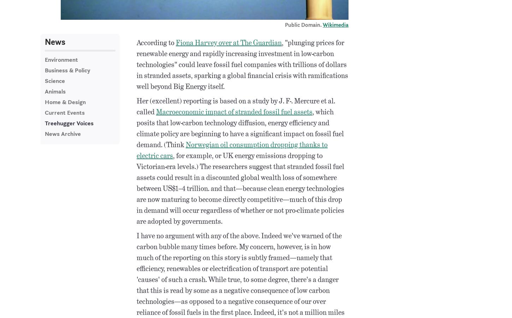  What do you see at coordinates (62, 133) in the screenshot?
I see `'News Archive'` at bounding box center [62, 133].